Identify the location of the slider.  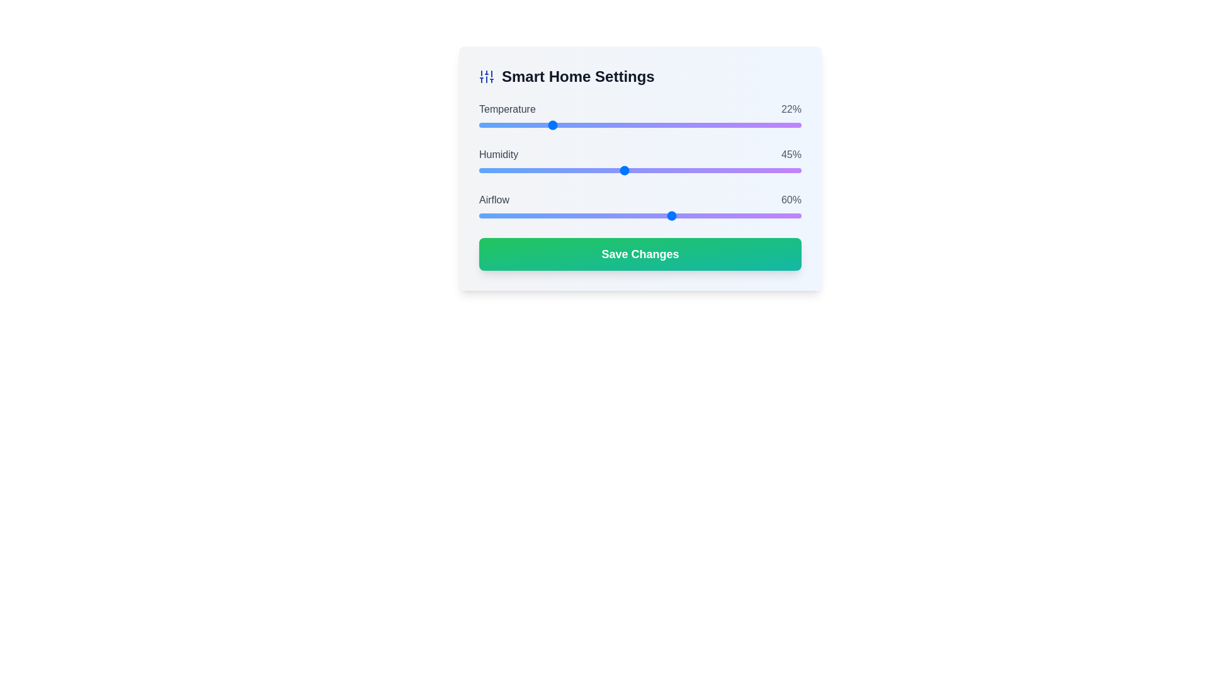
(608, 125).